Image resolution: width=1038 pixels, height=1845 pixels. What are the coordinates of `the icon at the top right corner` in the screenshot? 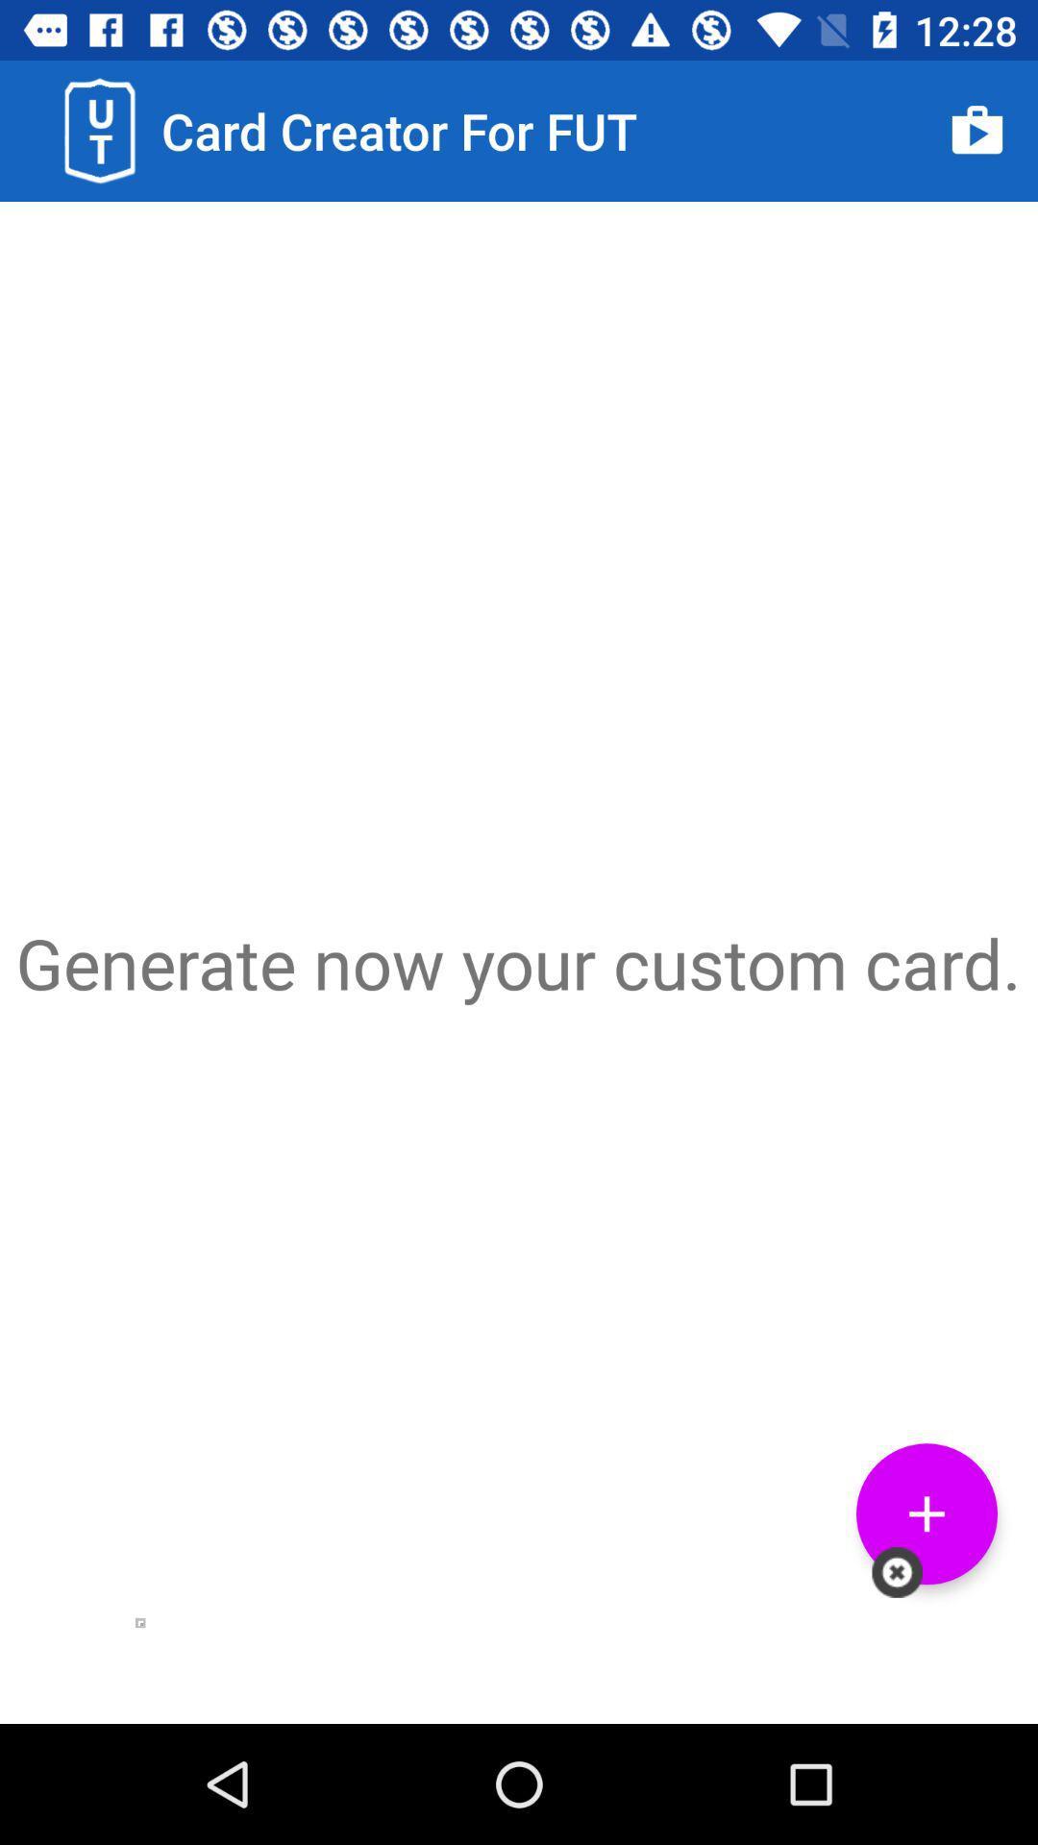 It's located at (977, 130).